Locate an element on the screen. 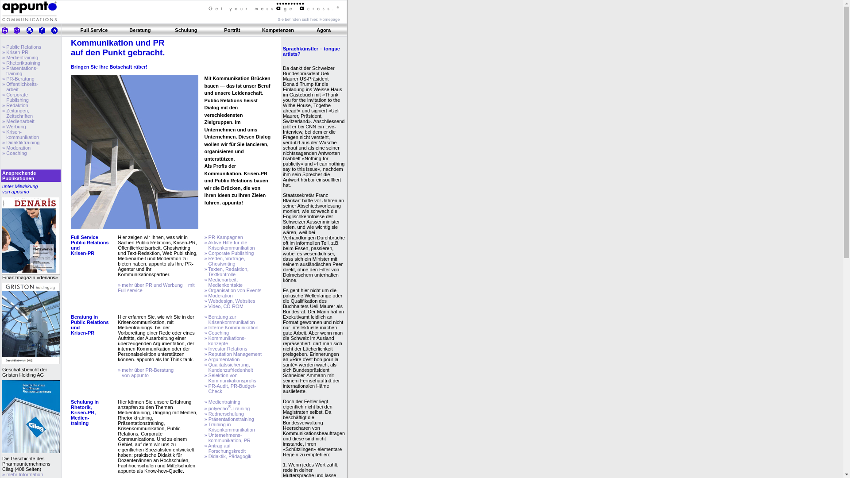 The width and height of the screenshot is (850, 478). 'Schulung' is located at coordinates (174, 30).